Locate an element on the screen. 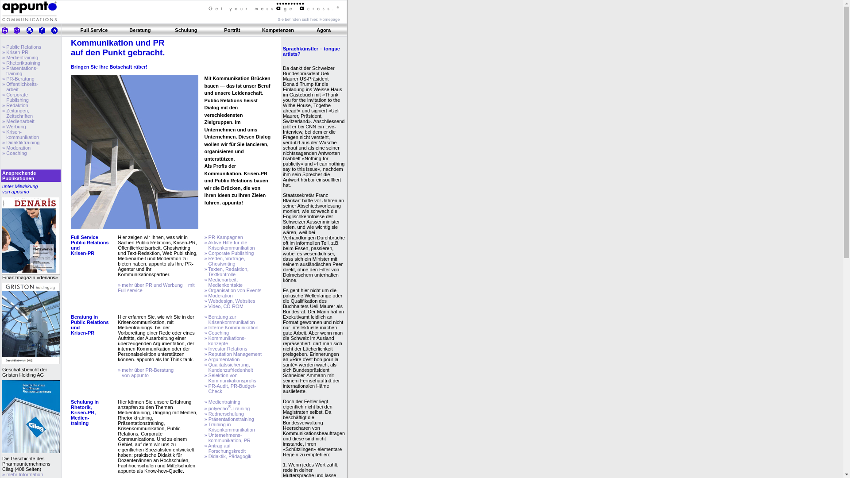 The width and height of the screenshot is (850, 478). 'Schulung' is located at coordinates (174, 30).